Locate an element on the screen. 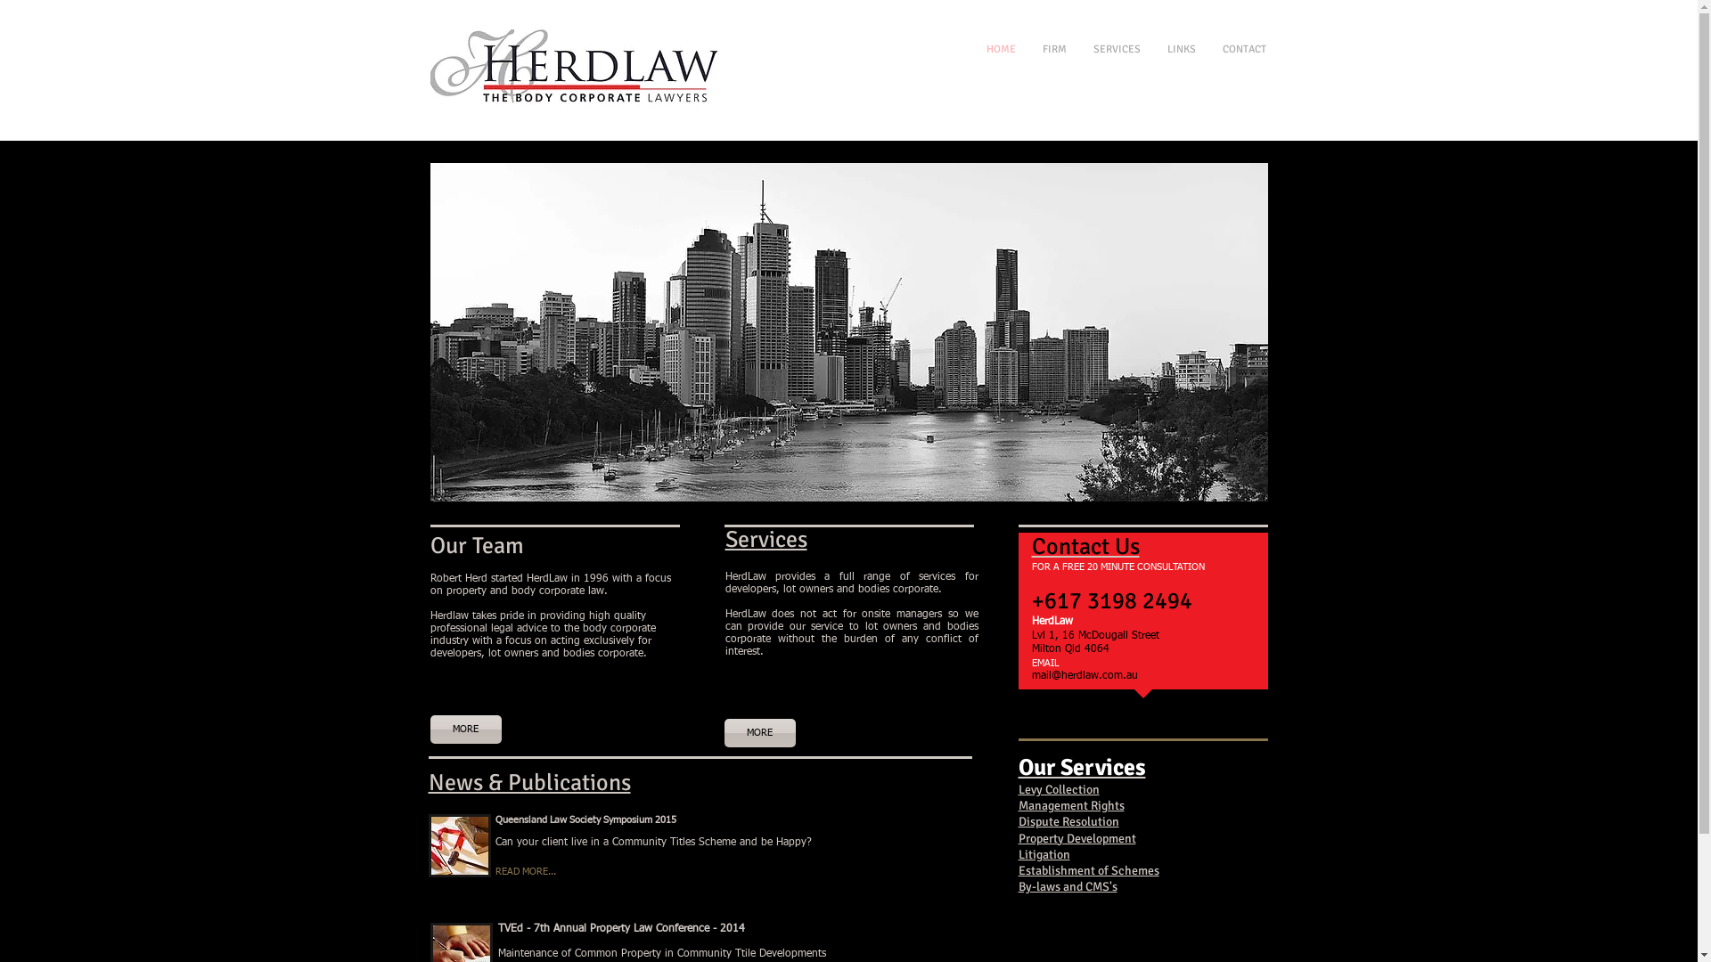 The image size is (1711, 962). 'Levy Collection' is located at coordinates (1058, 788).